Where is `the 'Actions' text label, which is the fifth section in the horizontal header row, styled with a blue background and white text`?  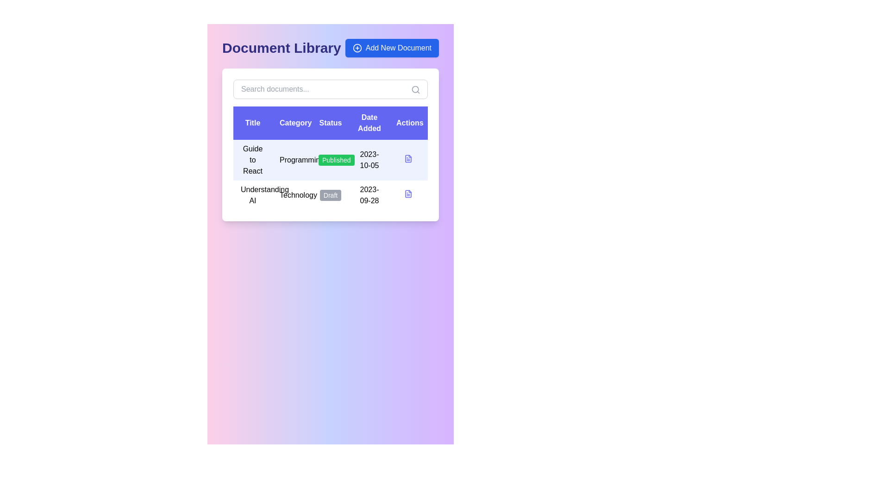 the 'Actions' text label, which is the fifth section in the horizontal header row, styled with a blue background and white text is located at coordinates (408, 123).